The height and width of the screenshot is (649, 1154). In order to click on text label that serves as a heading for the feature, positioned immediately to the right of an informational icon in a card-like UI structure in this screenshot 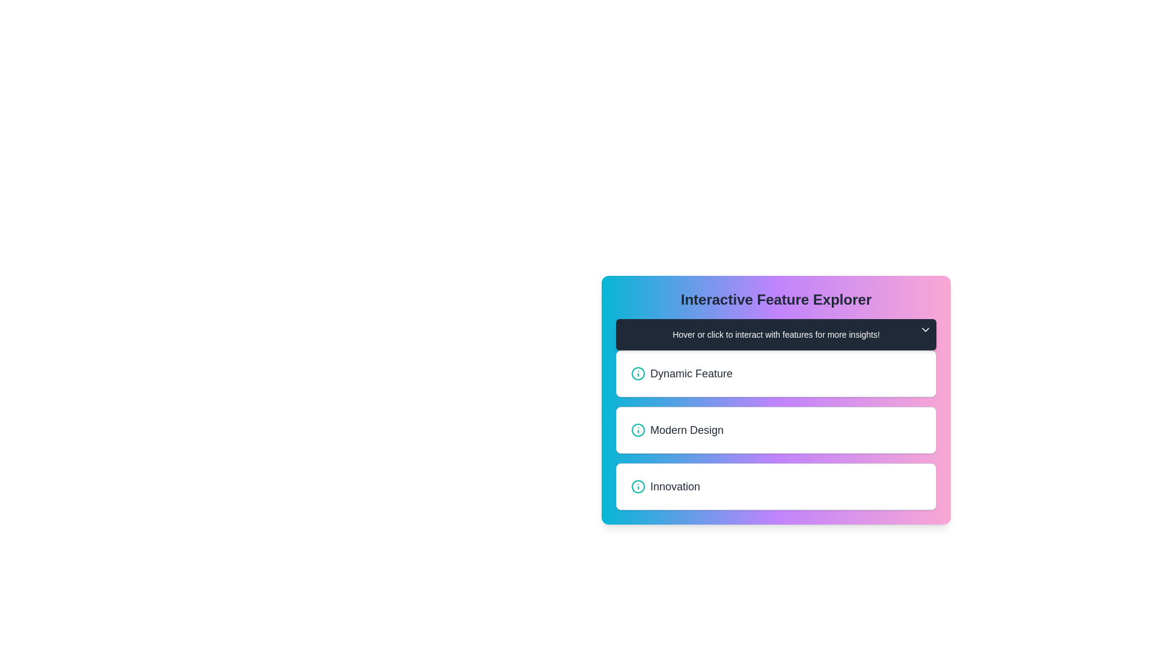, I will do `click(691, 373)`.